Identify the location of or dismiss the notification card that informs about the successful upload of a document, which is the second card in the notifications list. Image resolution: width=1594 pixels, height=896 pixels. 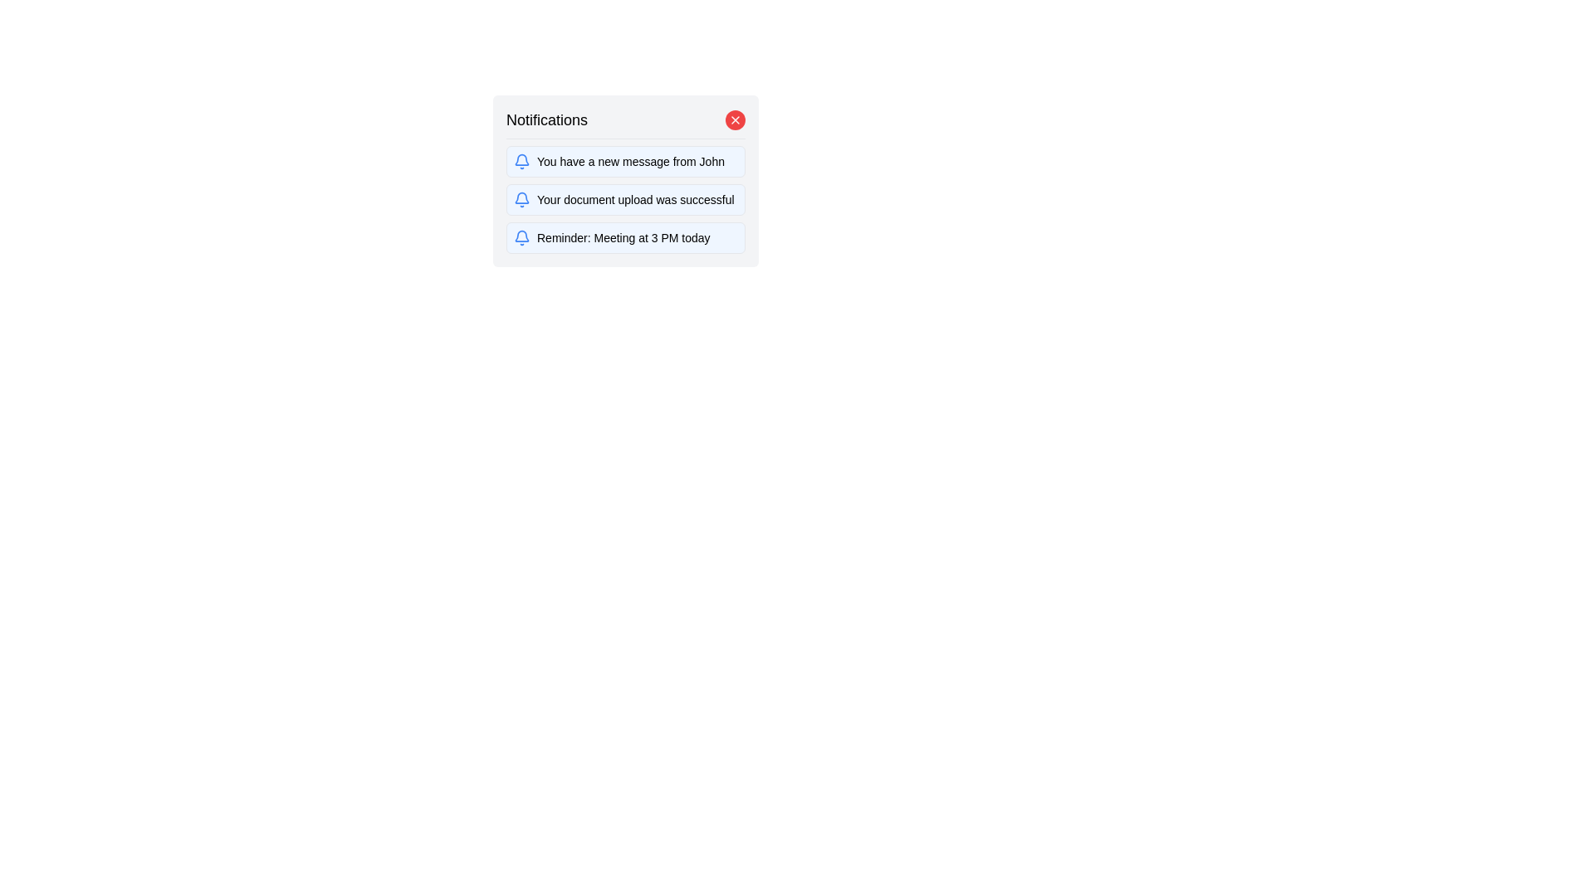
(624, 198).